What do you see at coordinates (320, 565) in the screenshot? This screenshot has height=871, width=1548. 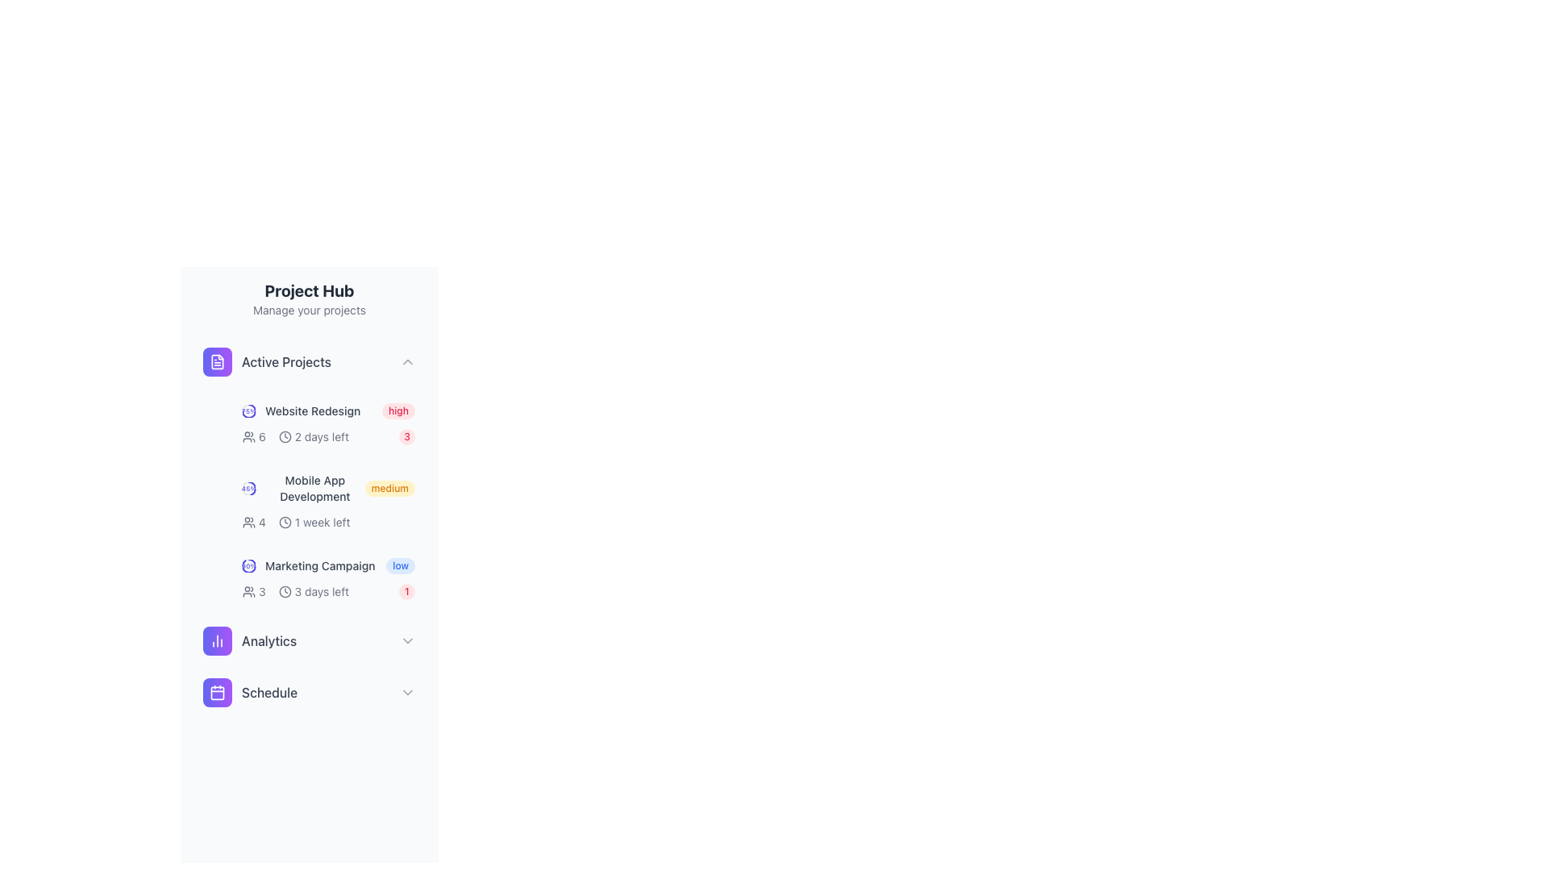 I see `text label 'Marketing Campaign' located in the third position of the 'Active Projects' section, styled with a small font size and medium weight, colored gray` at bounding box center [320, 565].